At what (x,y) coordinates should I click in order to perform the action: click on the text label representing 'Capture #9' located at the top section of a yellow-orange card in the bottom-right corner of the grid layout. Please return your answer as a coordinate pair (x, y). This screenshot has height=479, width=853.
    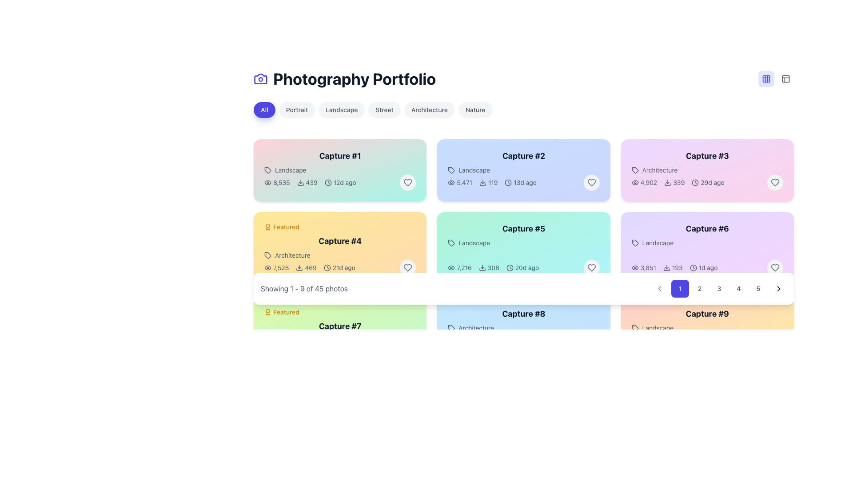
    Looking at the image, I should click on (707, 314).